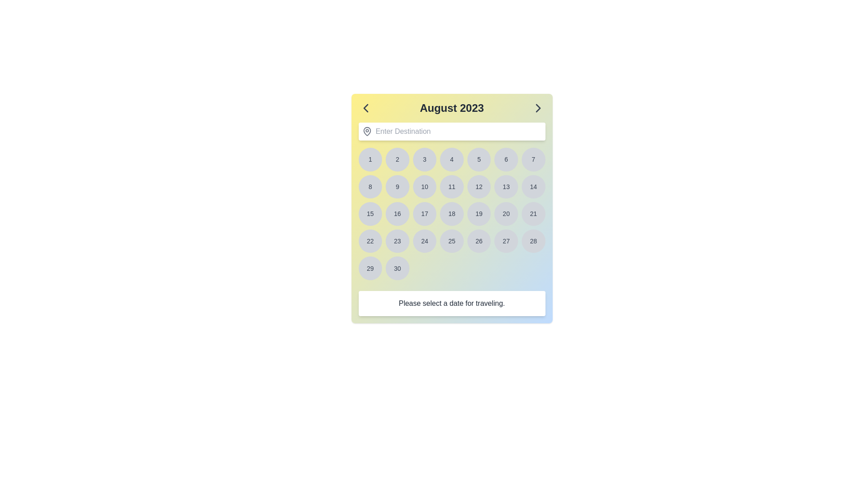 The height and width of the screenshot is (485, 862). I want to click on the date button in the calendar interface, located in the second row, third column of the grid, which allows users to select this date for booking or scheduling, so click(424, 186).